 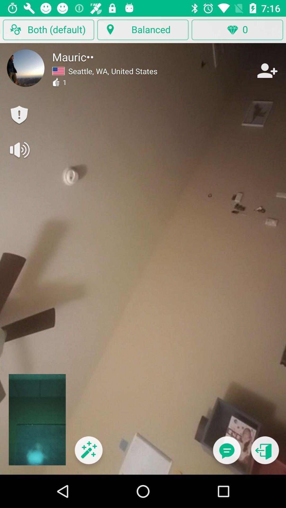 I want to click on the diamond button which is top right corner, so click(x=237, y=30).